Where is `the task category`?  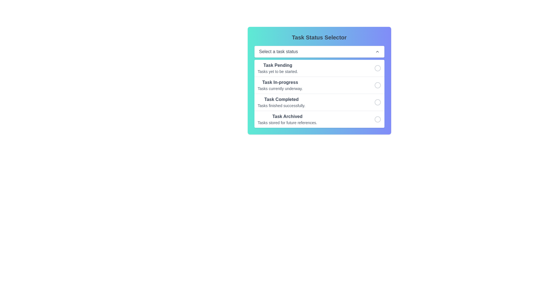
the task category is located at coordinates (280, 82).